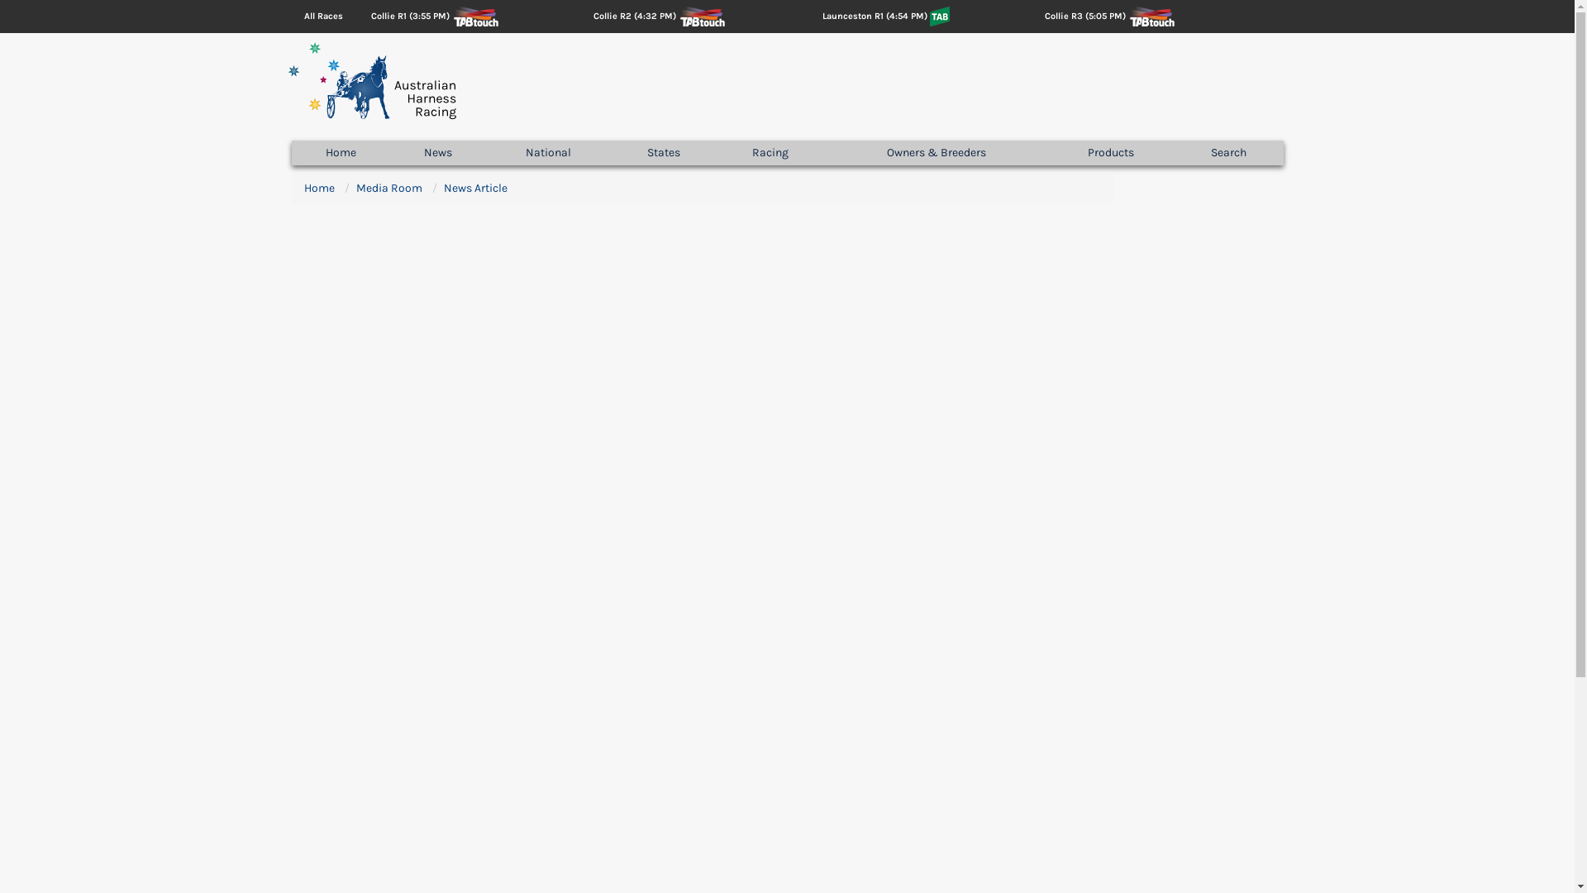 The height and width of the screenshot is (893, 1587). I want to click on 'News', so click(390, 153).